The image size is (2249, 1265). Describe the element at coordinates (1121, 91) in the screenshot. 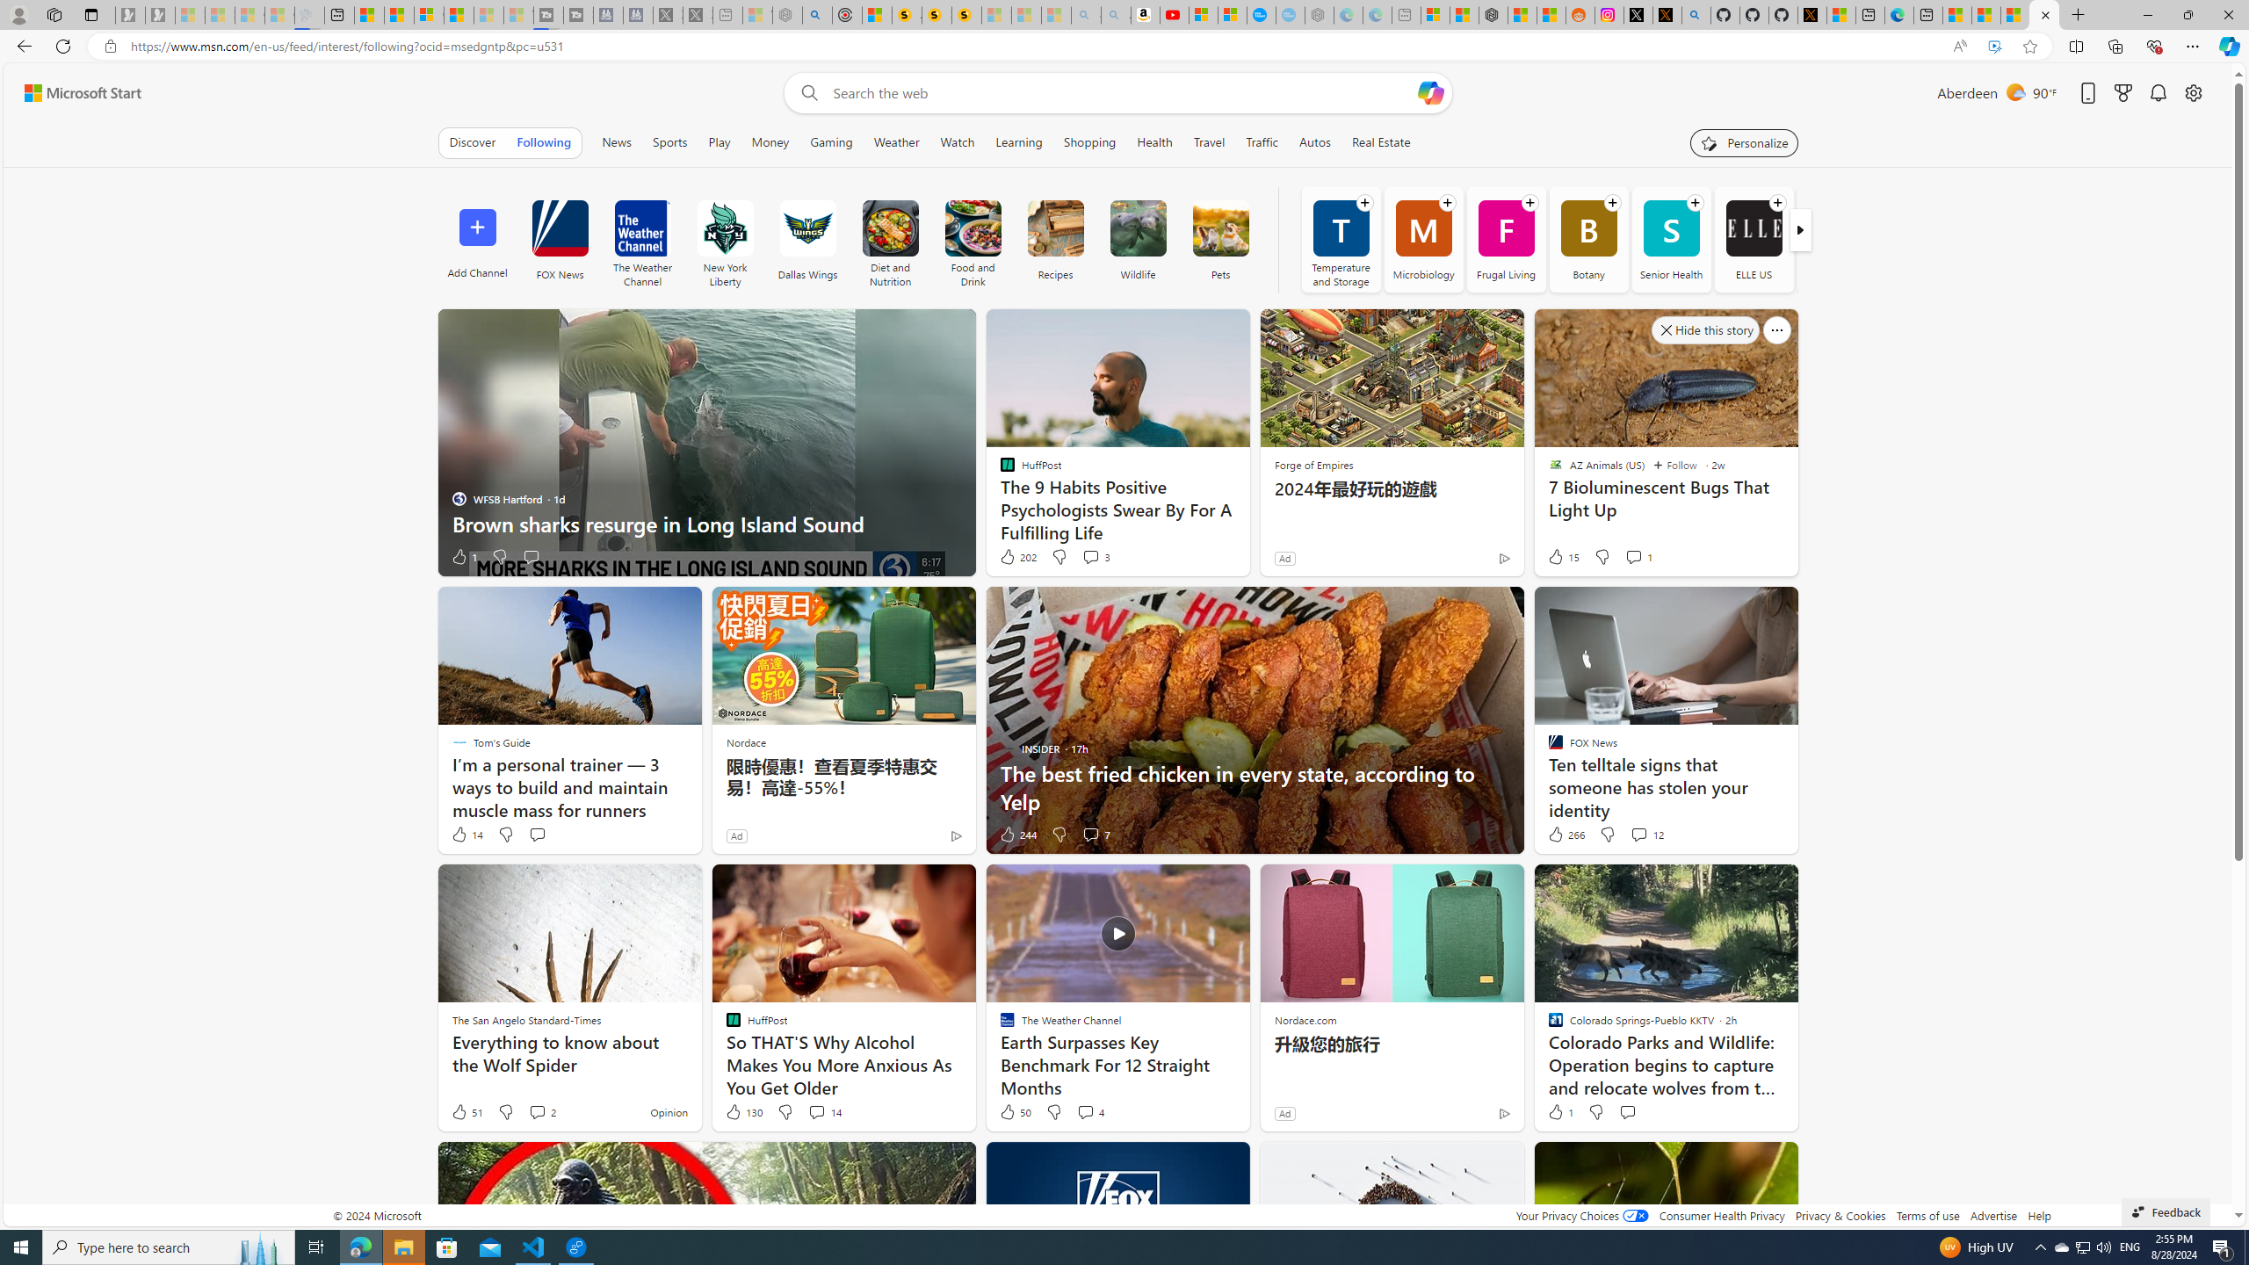

I see `'Enter your search term'` at that location.